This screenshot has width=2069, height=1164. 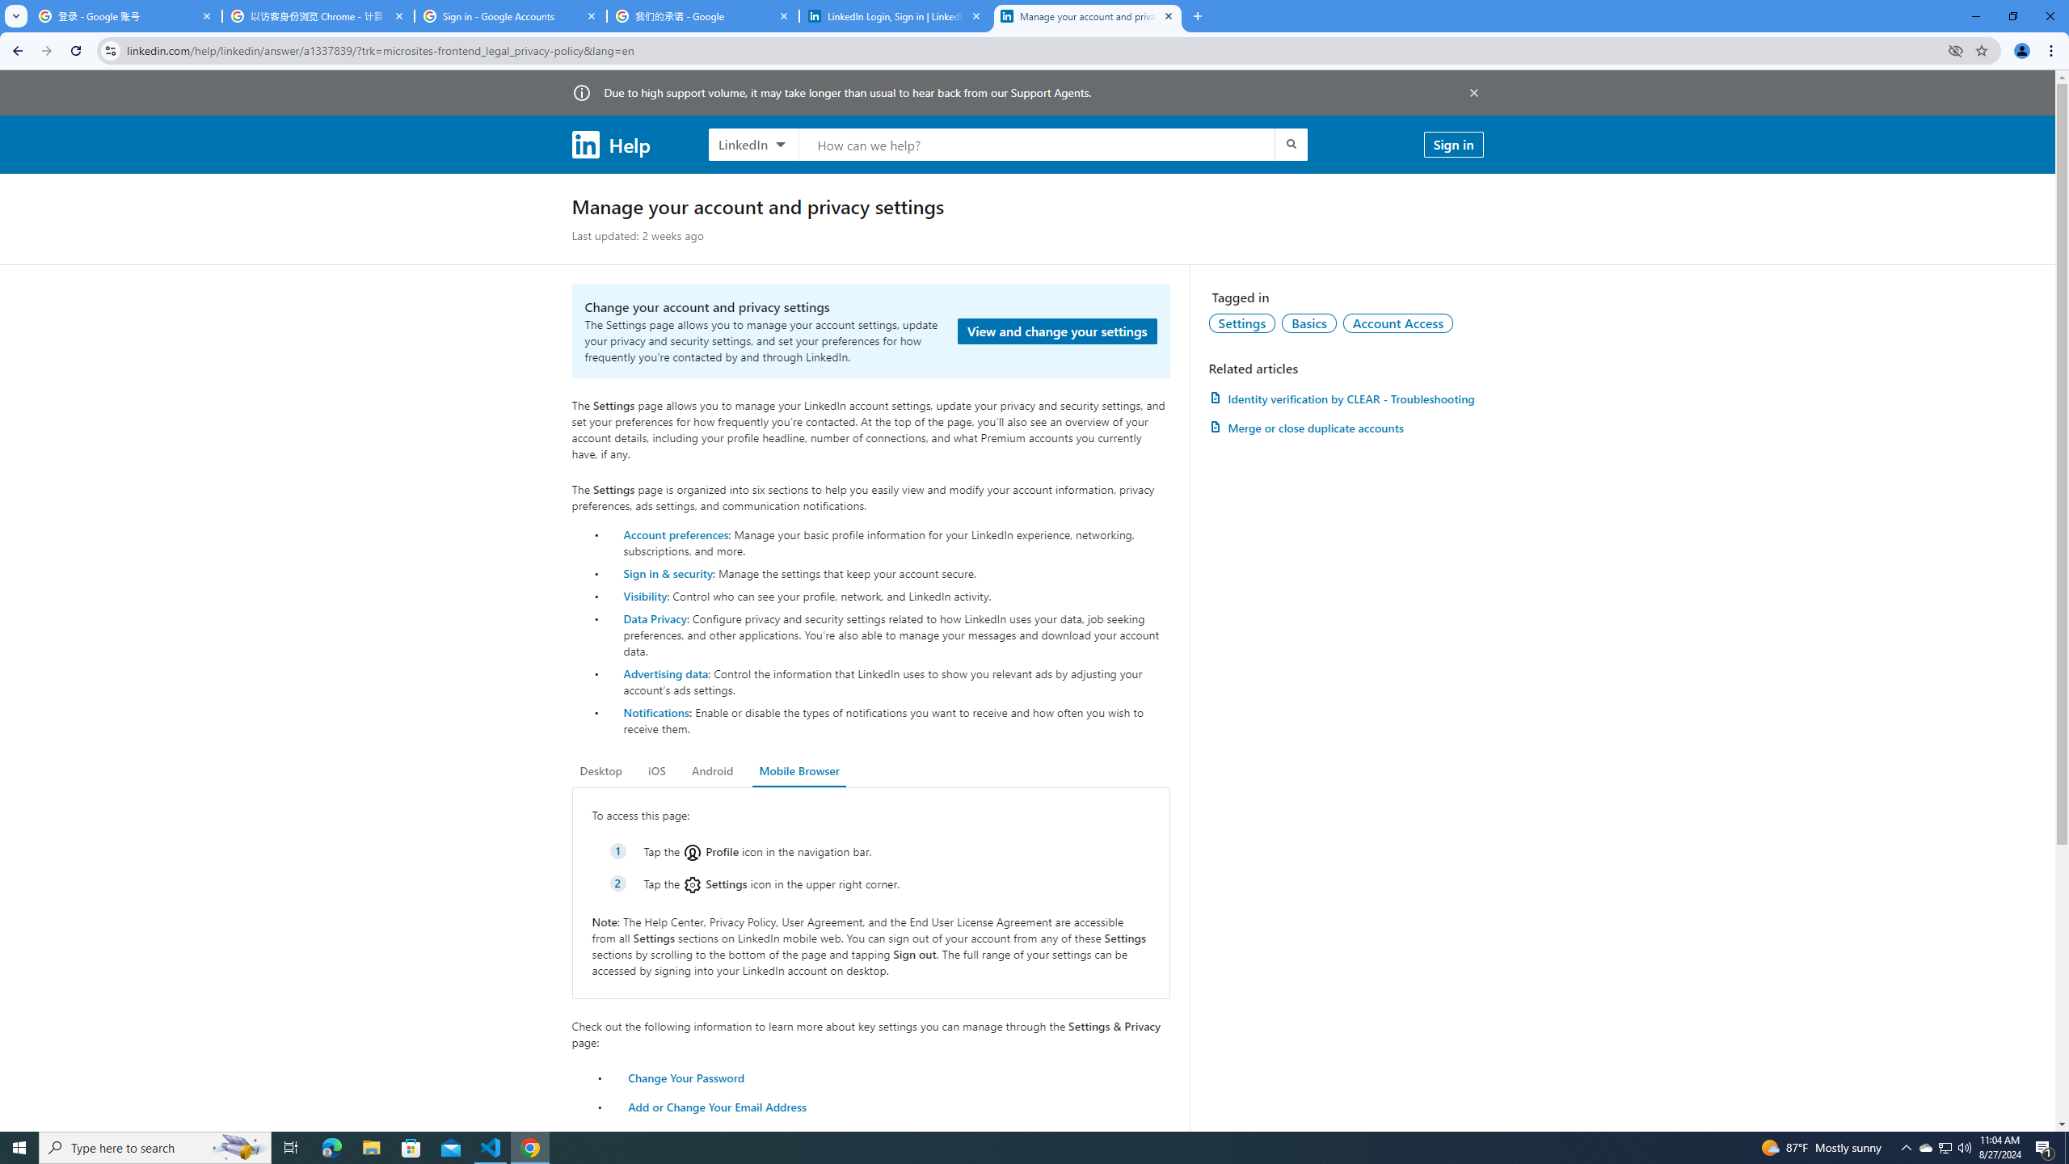 I want to click on 'Mobile Browser', so click(x=799, y=770).